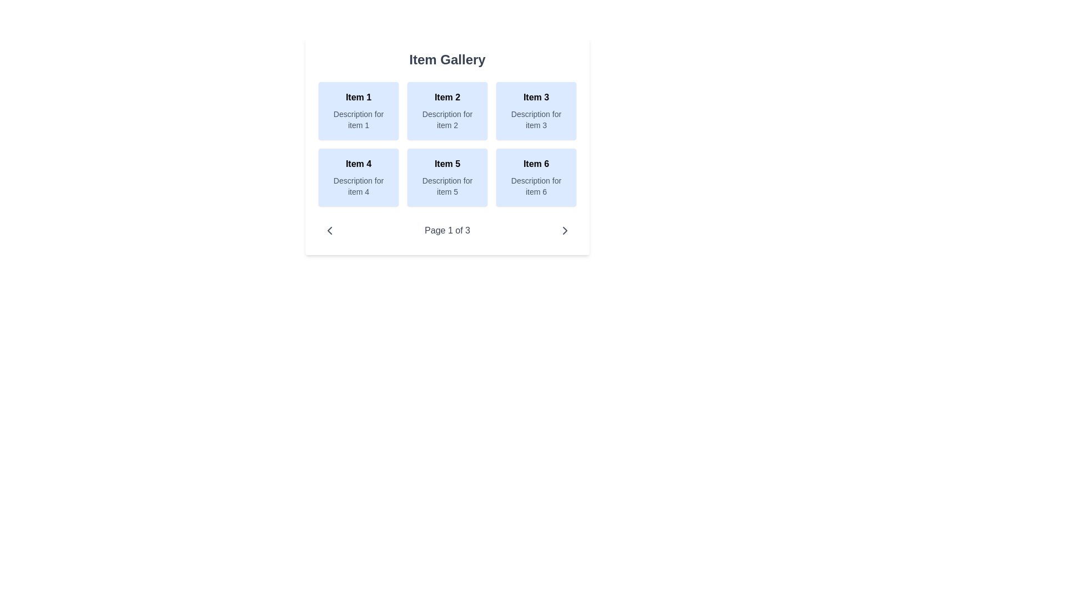  What do you see at coordinates (329, 230) in the screenshot?
I see `the left navigation chevron icon located at the bottom left of the interface` at bounding box center [329, 230].